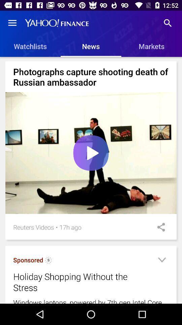  What do you see at coordinates (56, 227) in the screenshot?
I see `the icon next to reuters videos icon` at bounding box center [56, 227].